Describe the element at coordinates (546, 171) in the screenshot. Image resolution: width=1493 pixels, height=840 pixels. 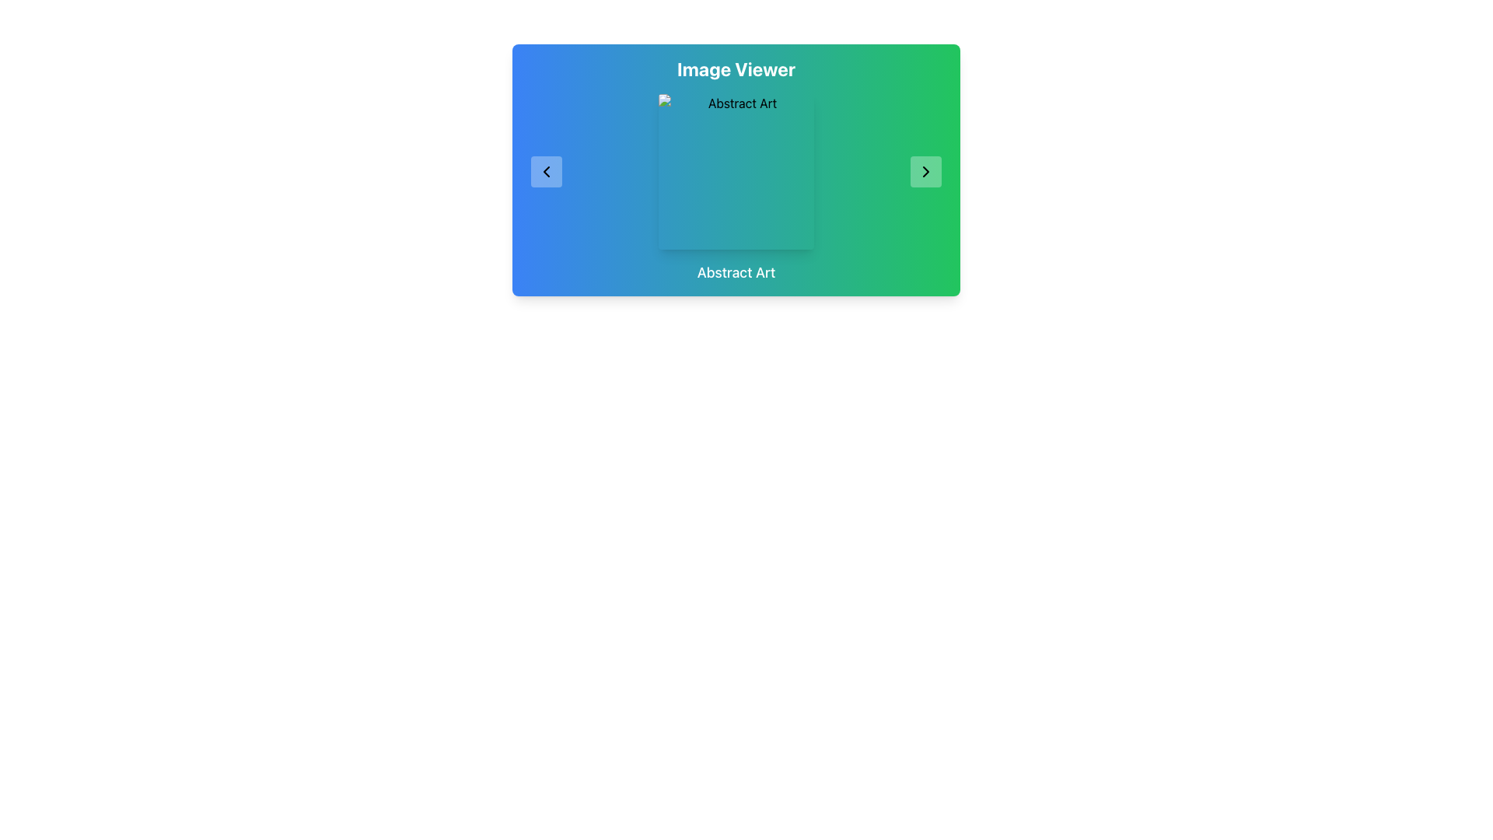
I see `the left navigation control chevron icon` at that location.